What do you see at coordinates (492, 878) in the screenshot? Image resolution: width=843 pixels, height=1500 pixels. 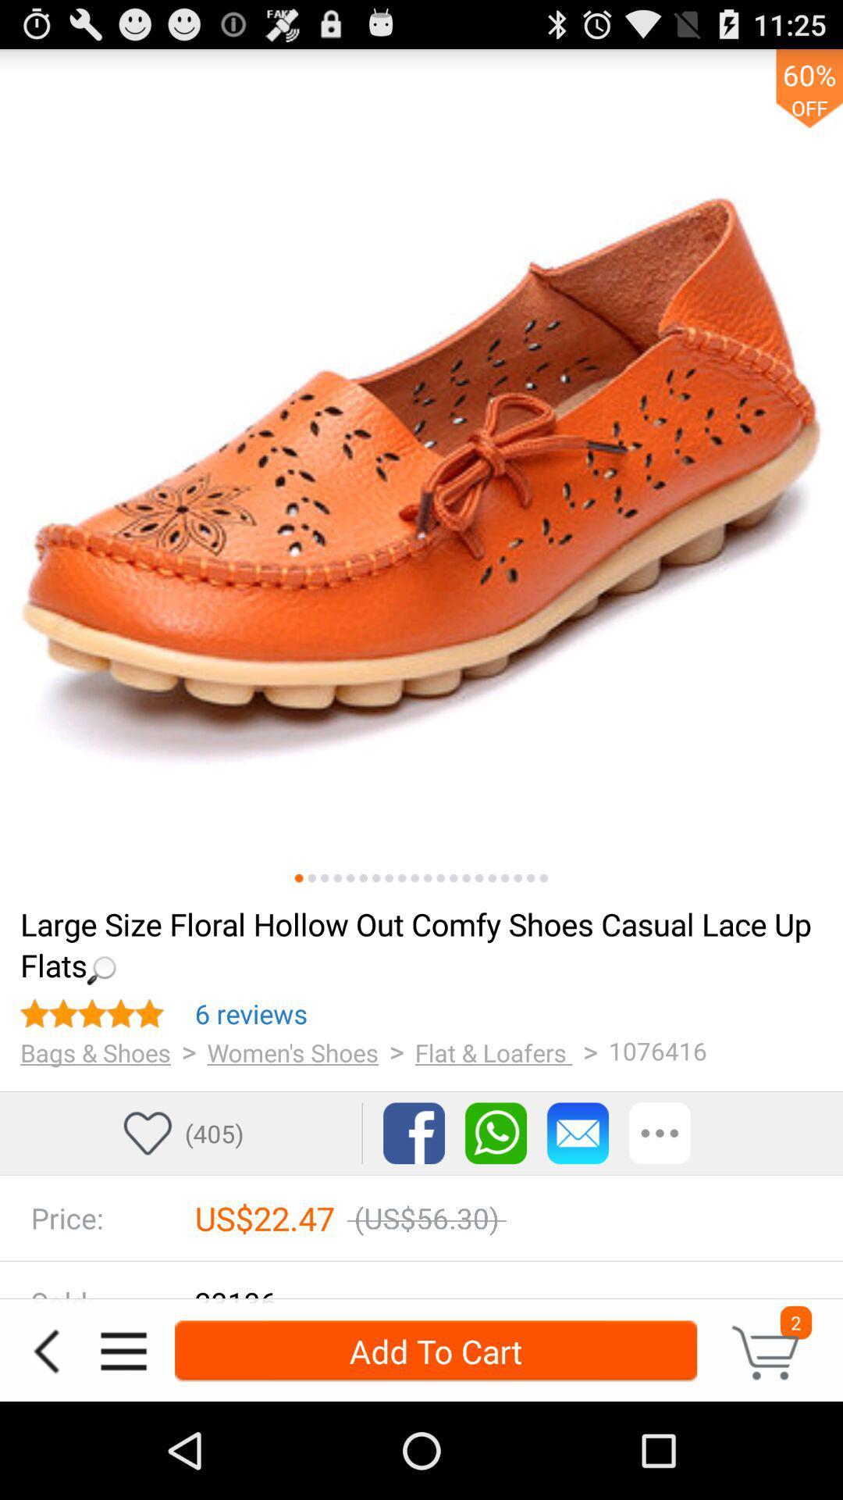 I see `this page` at bounding box center [492, 878].